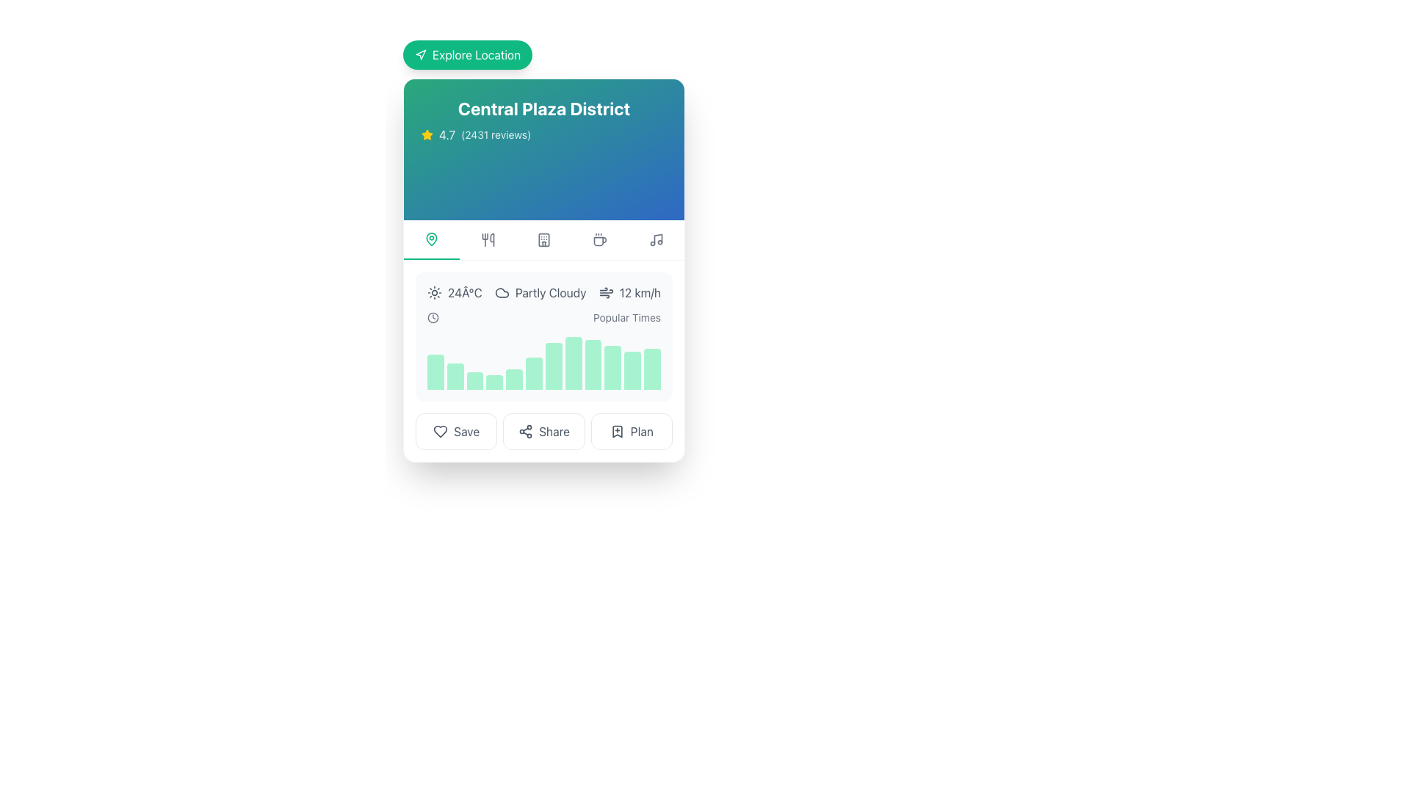 This screenshot has height=793, width=1410. What do you see at coordinates (543, 135) in the screenshot?
I see `the Rating display element` at bounding box center [543, 135].